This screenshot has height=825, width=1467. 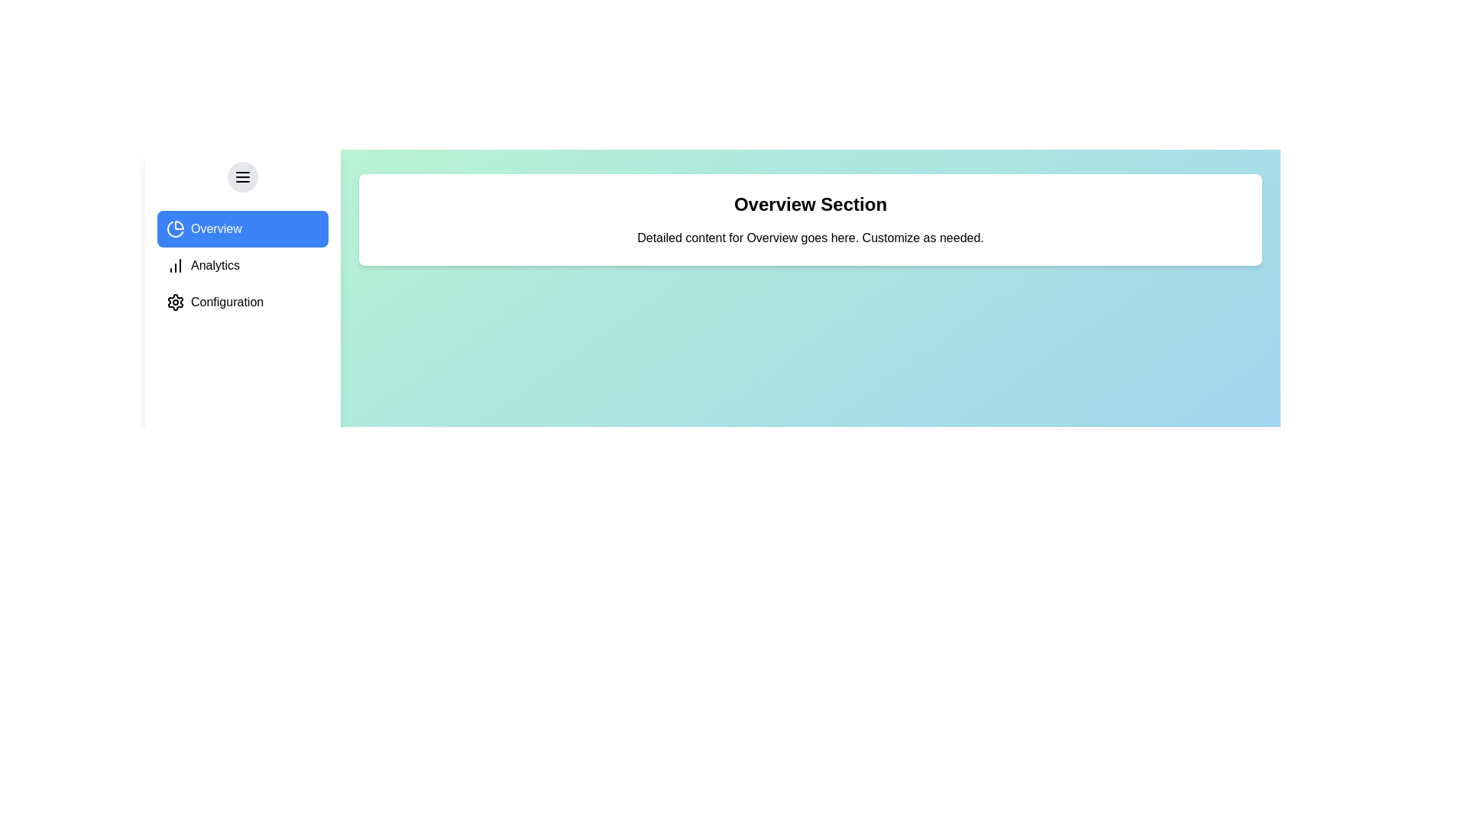 What do you see at coordinates (241, 176) in the screenshot?
I see `the sidebar toggle button to toggle its visibility` at bounding box center [241, 176].